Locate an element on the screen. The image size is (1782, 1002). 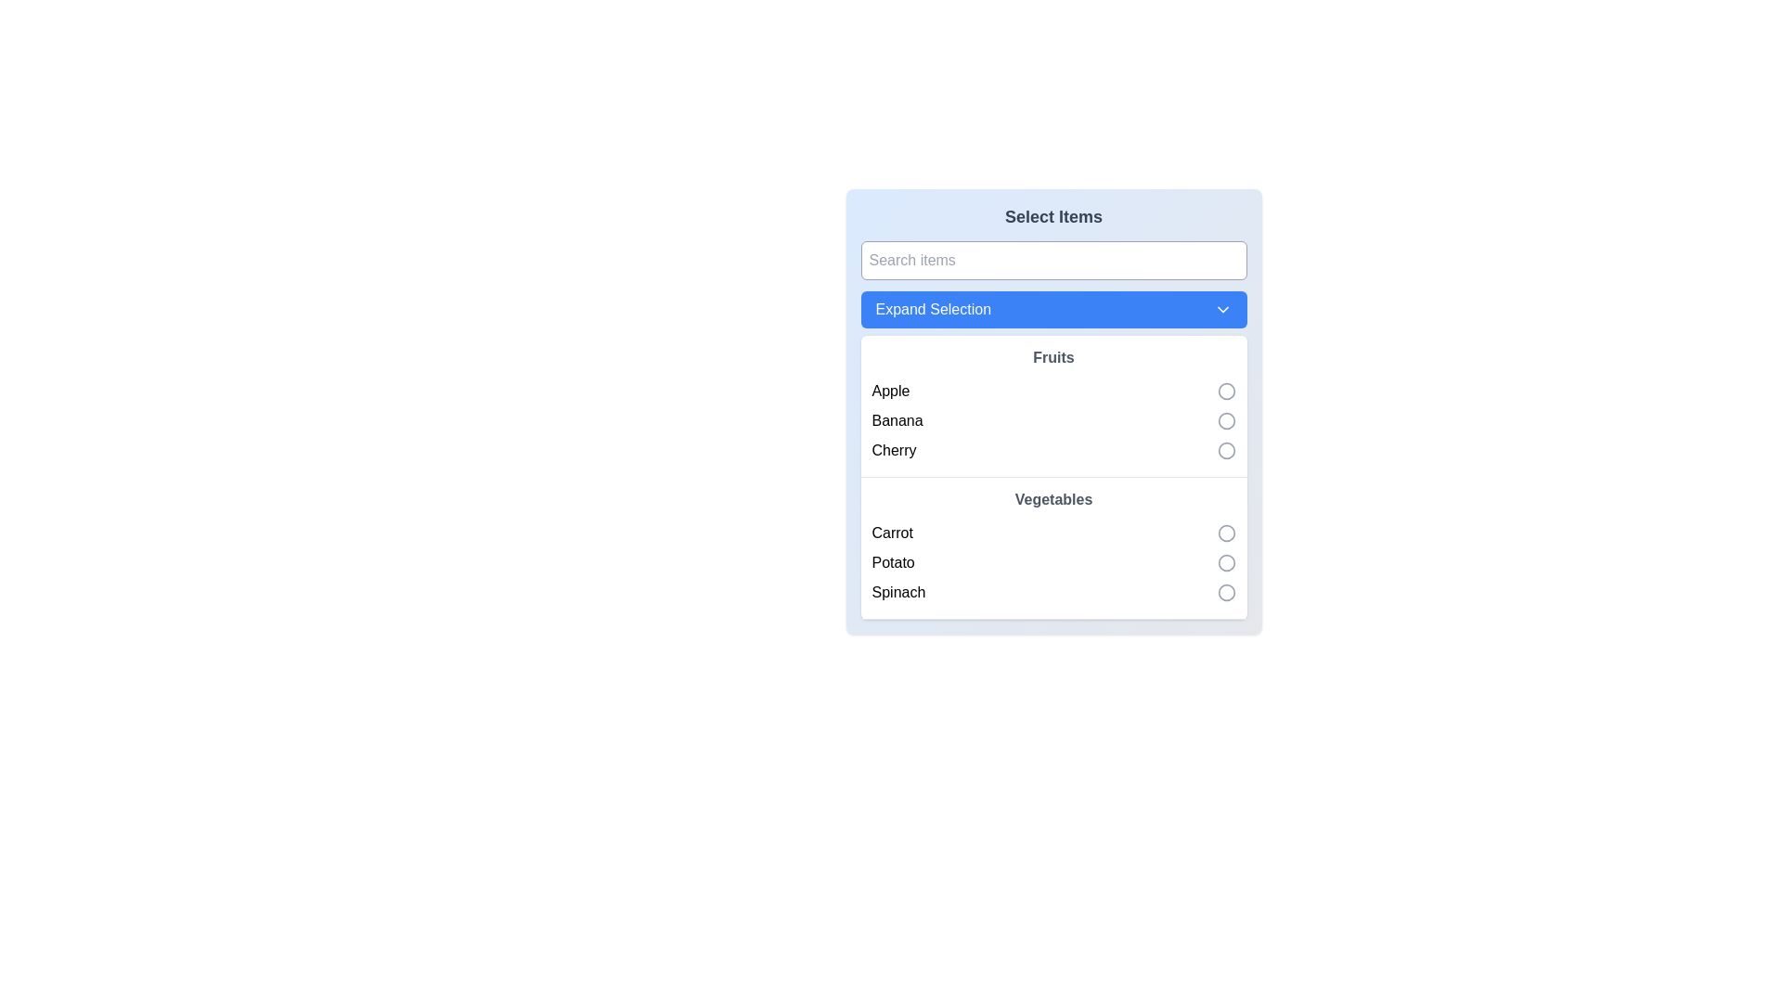
the selectable list item labeled 'Spinach' for keyboard navigation is located at coordinates (1053, 593).